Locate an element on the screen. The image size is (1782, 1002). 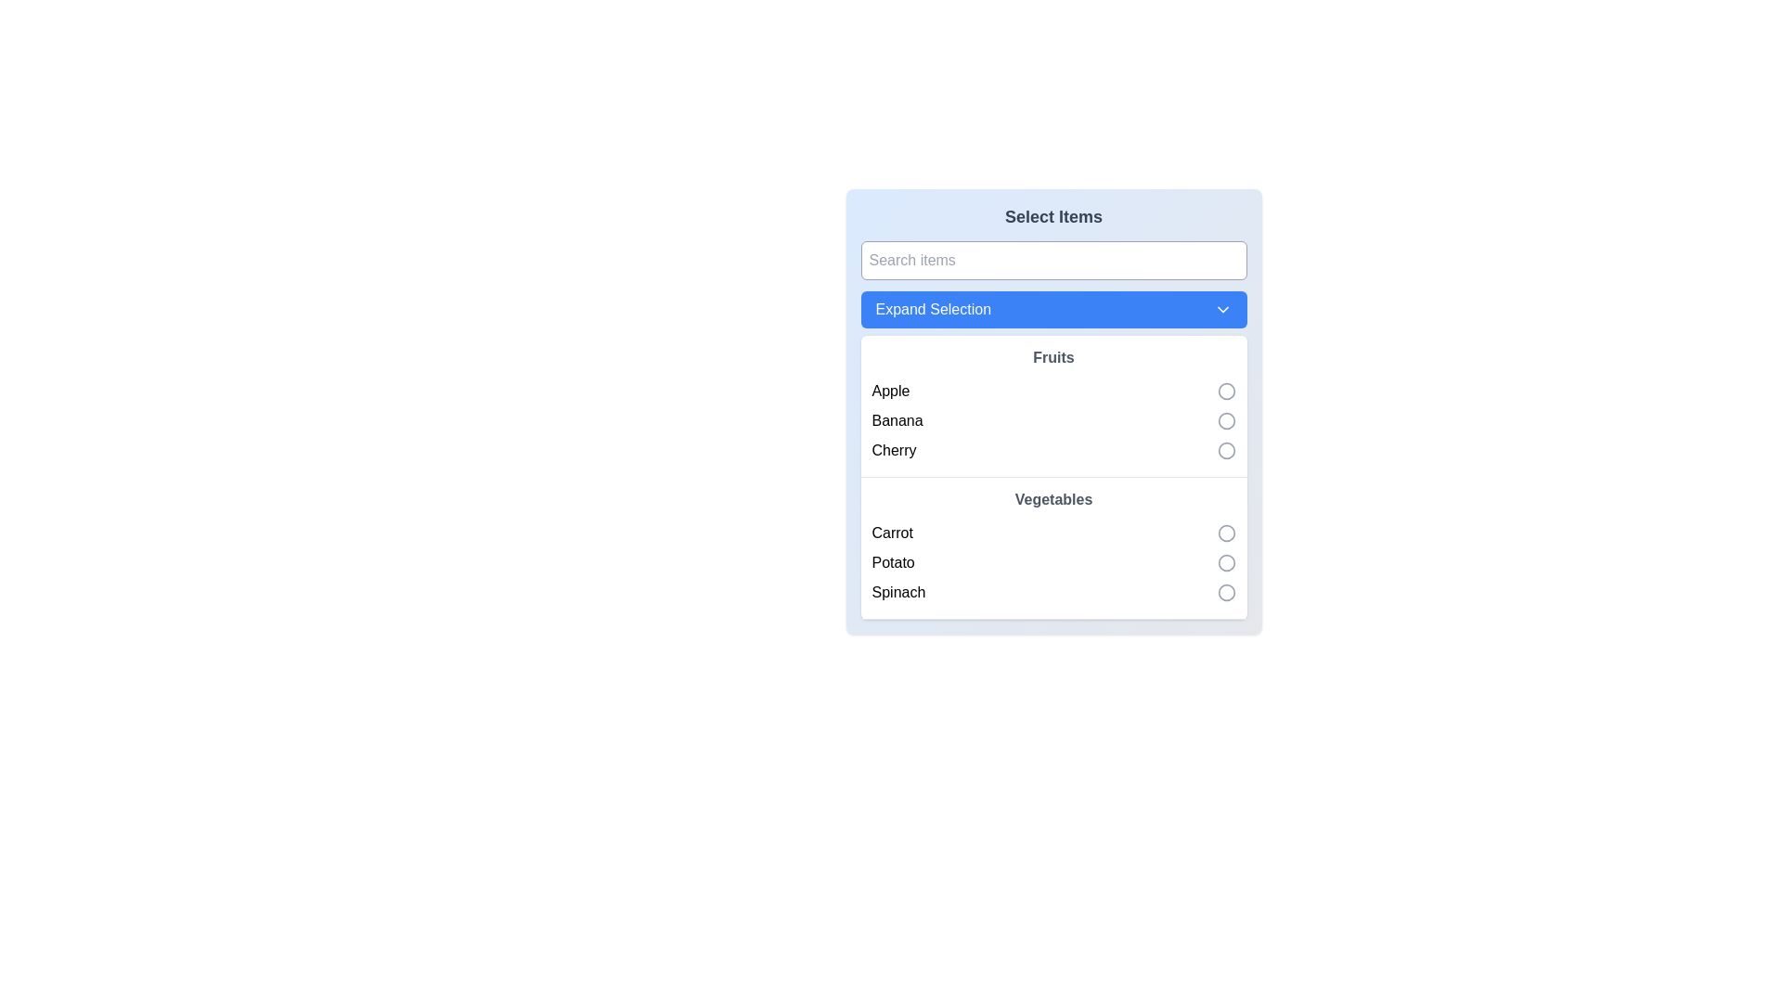
the selectable list item labeled 'Spinach' for keyboard navigation is located at coordinates (1053, 593).